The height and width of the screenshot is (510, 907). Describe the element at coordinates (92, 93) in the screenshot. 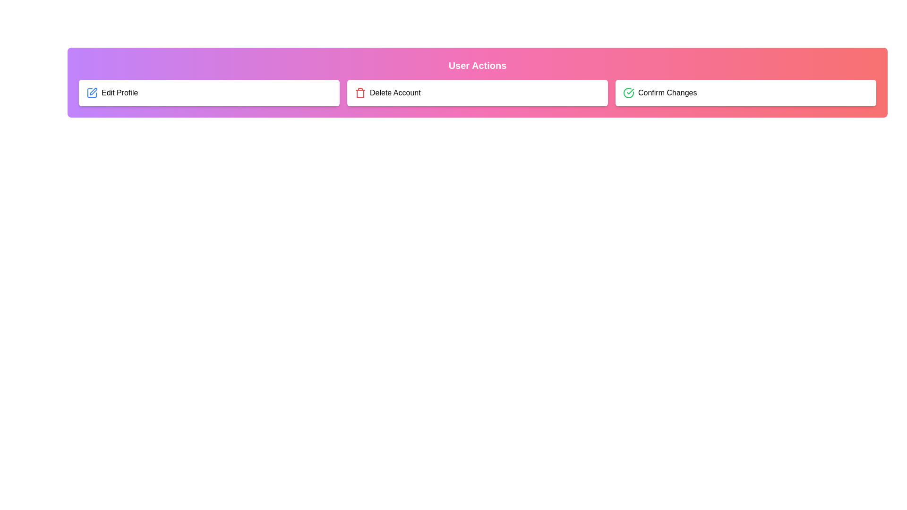

I see `the small square-shaped blue icon with a pen symbol, which is the first item in the 'Edit Profile' group, located to the left of the text 'Edit Profile.'` at that location.